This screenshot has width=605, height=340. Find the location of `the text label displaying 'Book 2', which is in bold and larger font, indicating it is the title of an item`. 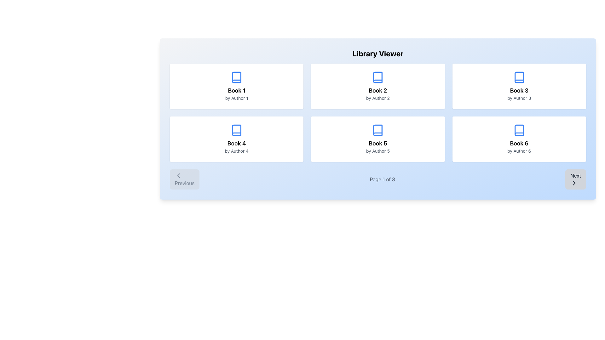

the text label displaying 'Book 2', which is in bold and larger font, indicating it is the title of an item is located at coordinates (378, 91).